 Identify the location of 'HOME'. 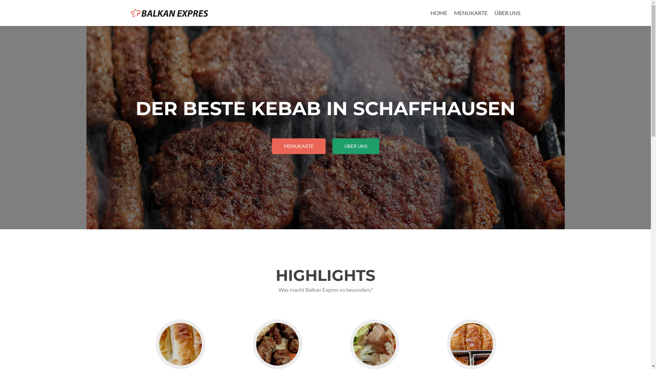
(439, 13).